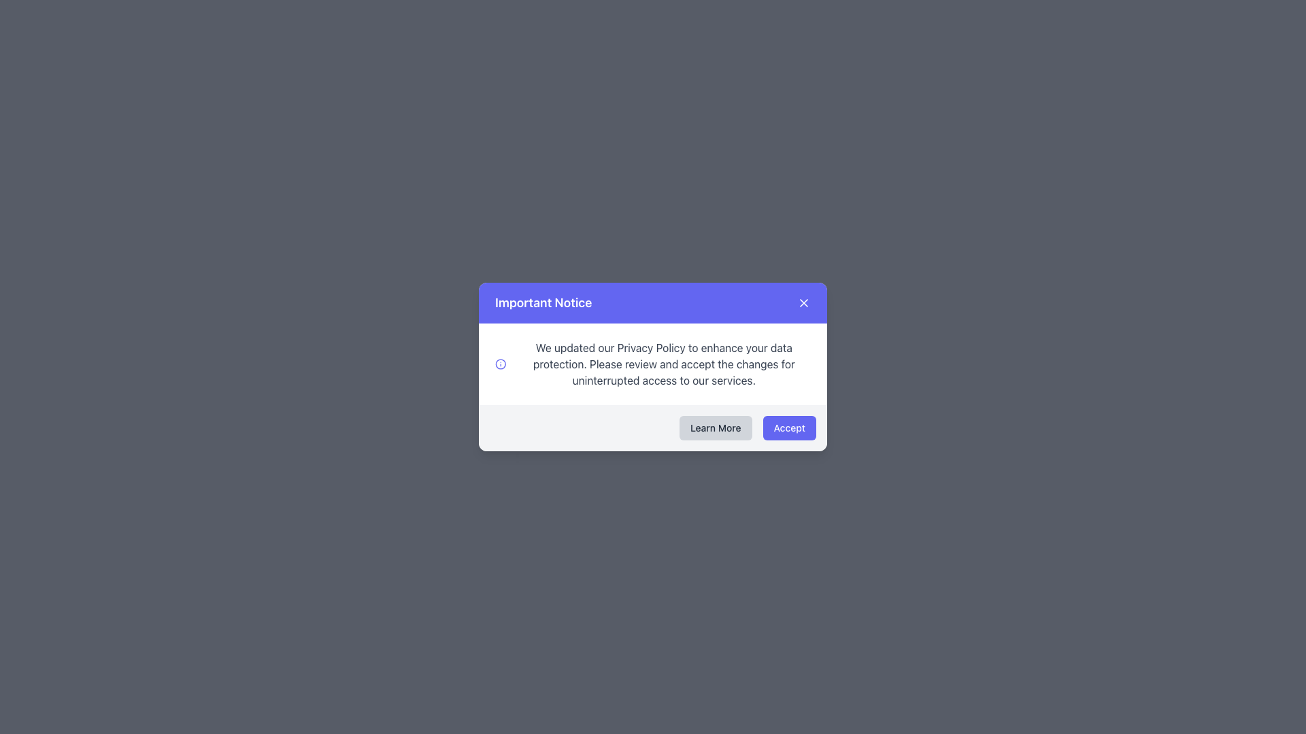  What do you see at coordinates (543, 302) in the screenshot?
I see `the 'Important Notice' text label in the notification modal header, positioned to the left of the close button` at bounding box center [543, 302].